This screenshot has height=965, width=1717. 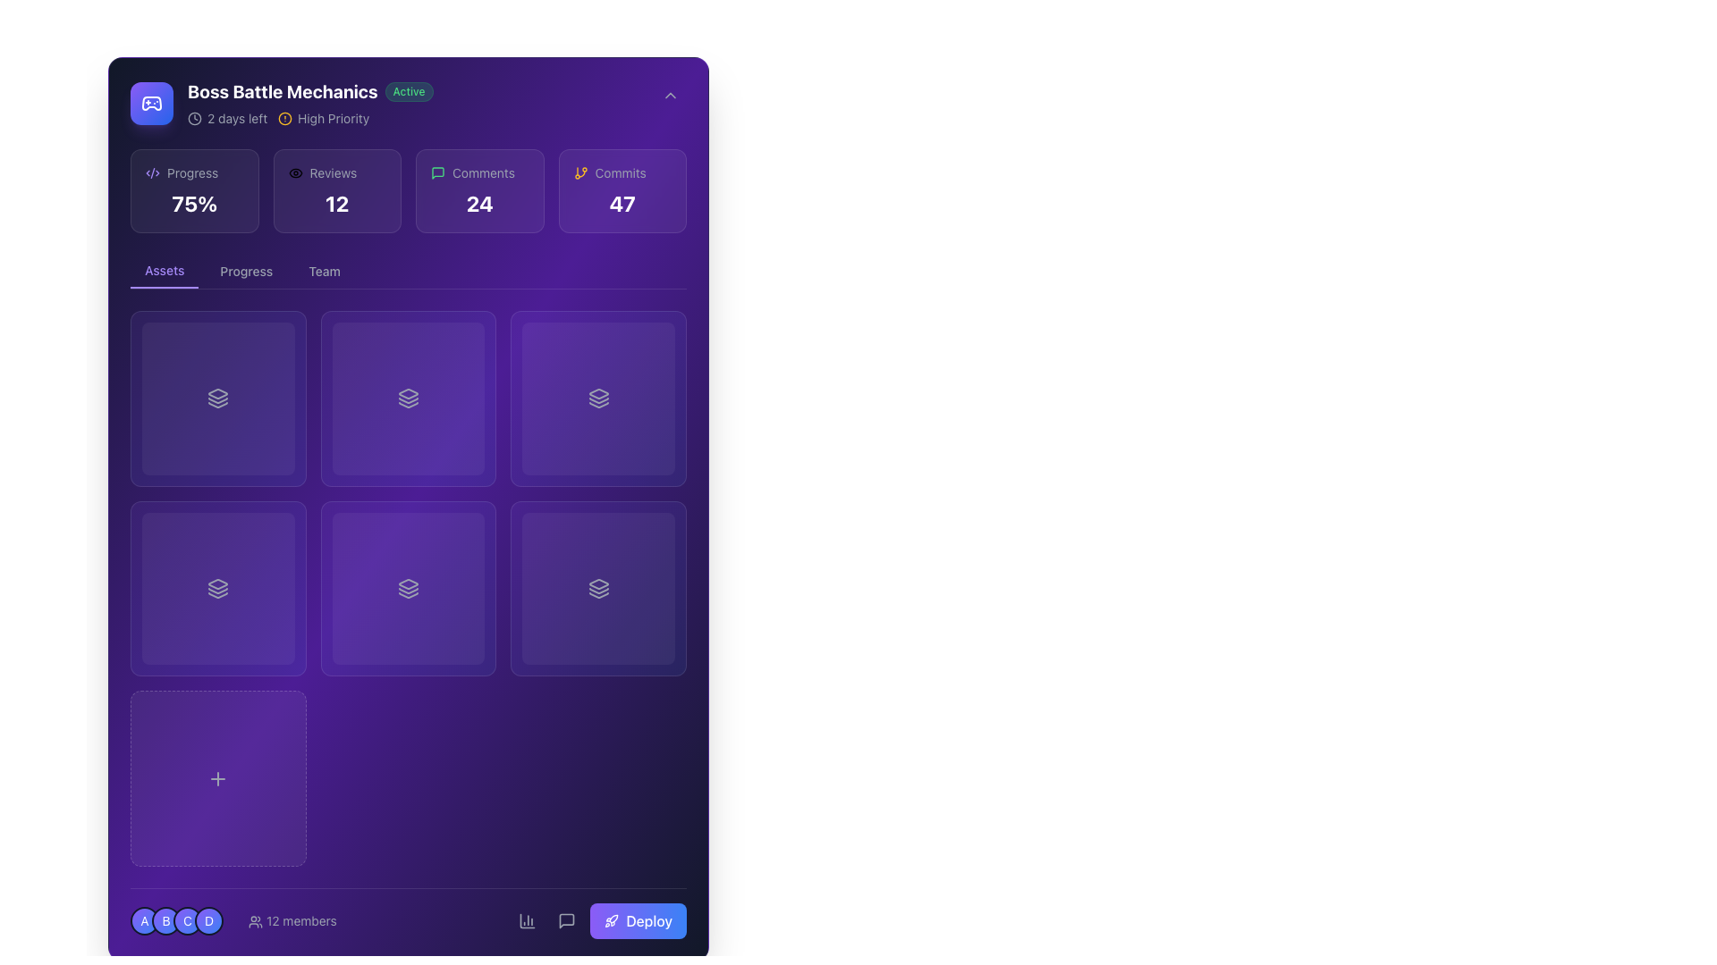 I want to click on displayed number '47' from the Text Display in the central-right portion of the 'Commits' card, so click(x=622, y=202).